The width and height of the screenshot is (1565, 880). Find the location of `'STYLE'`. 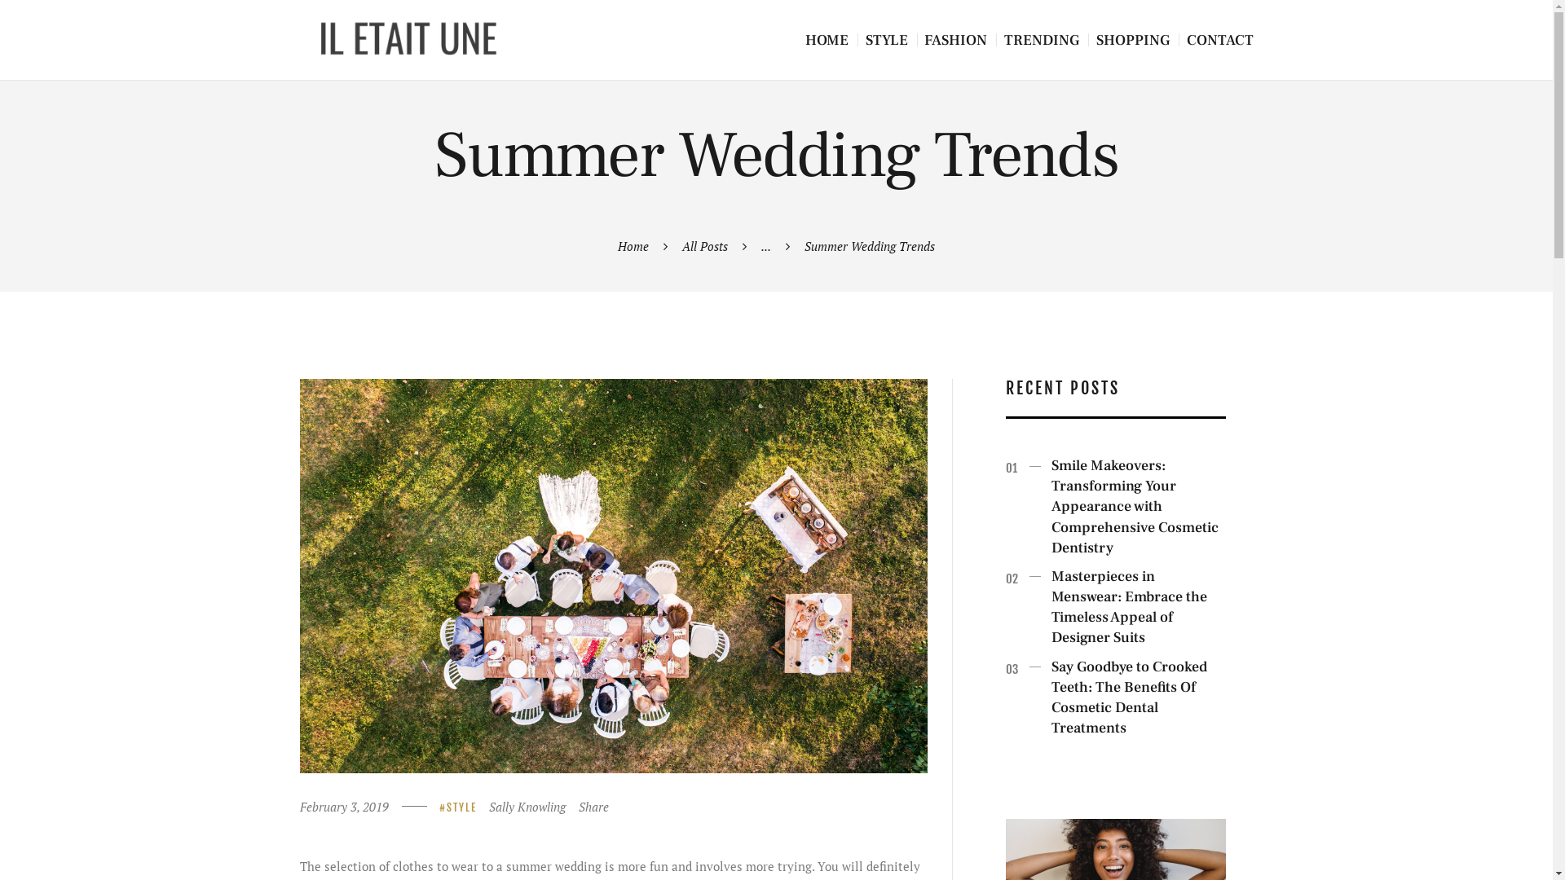

'STYLE' is located at coordinates (886, 39).